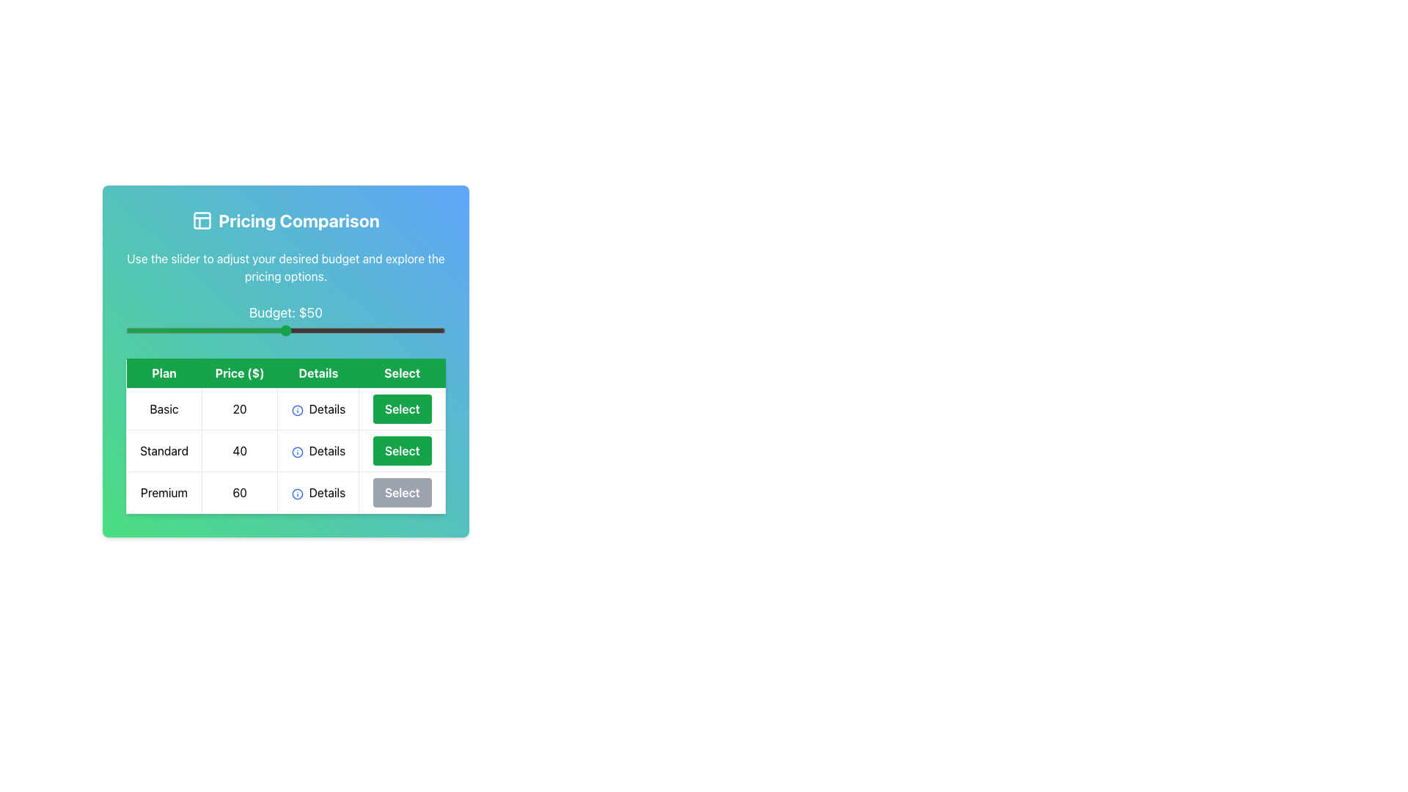 Image resolution: width=1408 pixels, height=792 pixels. Describe the element at coordinates (240, 450) in the screenshot. I see `displayed cost of the 'Standard' plan from the static text box located in the second row of the 'Price ($)' column of the pricing comparison chart` at that location.